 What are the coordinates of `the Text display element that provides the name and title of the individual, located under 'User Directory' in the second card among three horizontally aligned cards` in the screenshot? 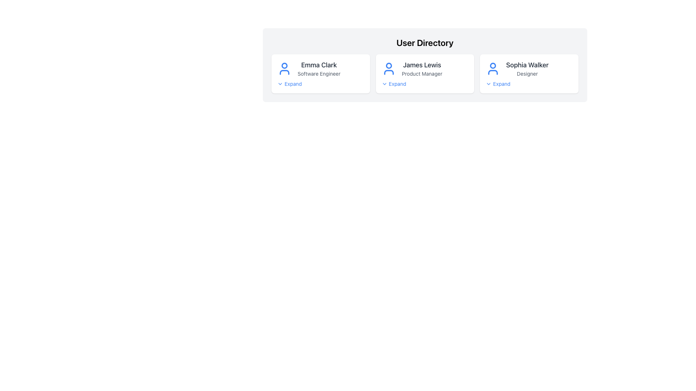 It's located at (422, 68).